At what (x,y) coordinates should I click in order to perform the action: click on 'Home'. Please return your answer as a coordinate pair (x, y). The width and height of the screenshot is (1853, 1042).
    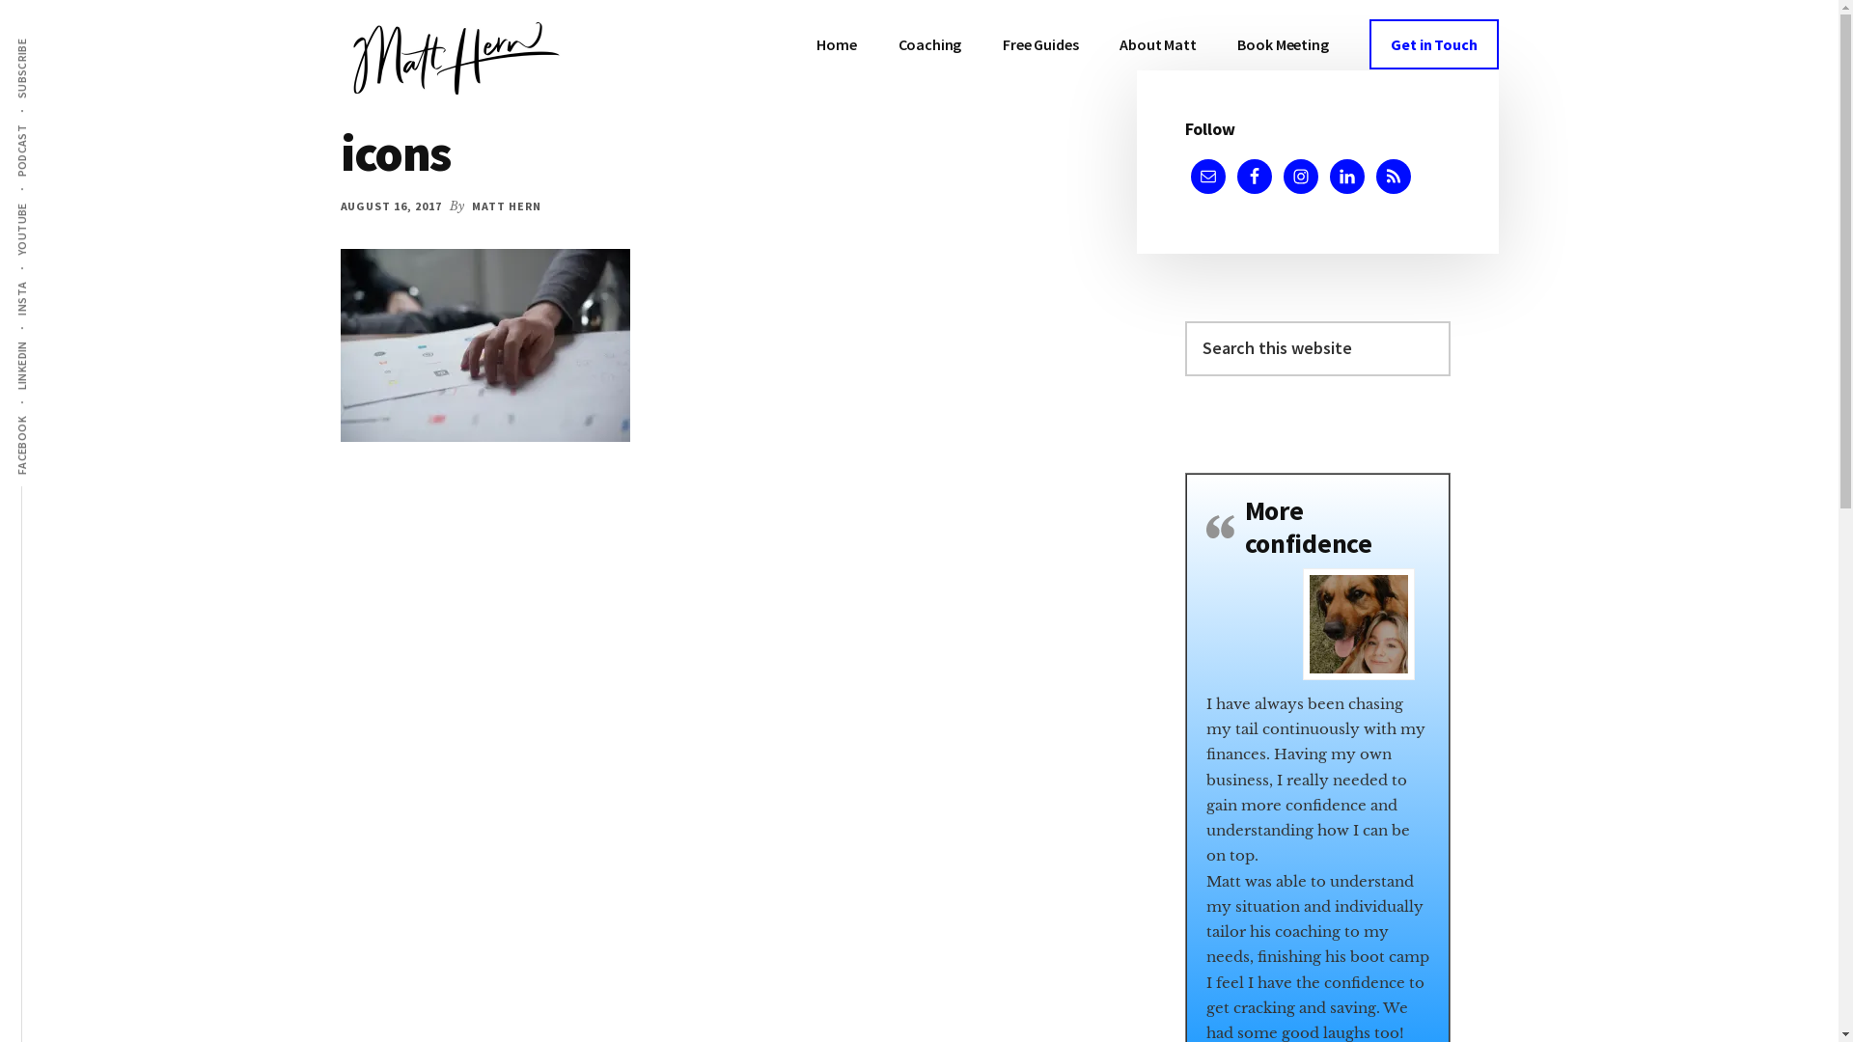
    Looking at the image, I should click on (836, 43).